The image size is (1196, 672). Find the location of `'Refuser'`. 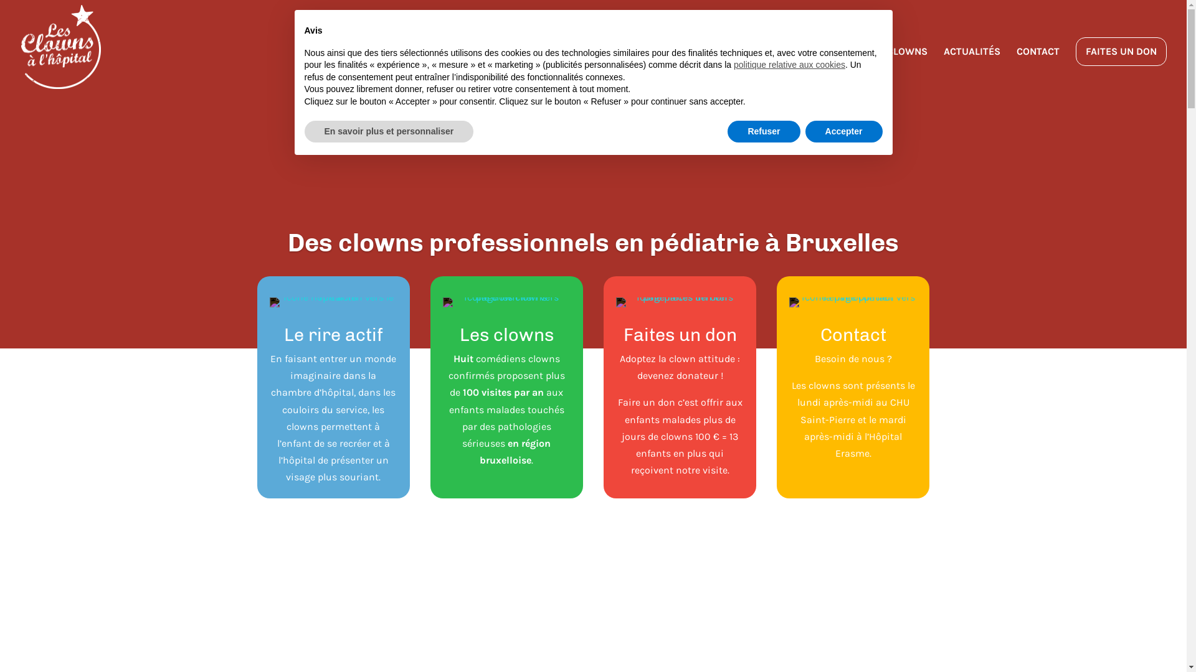

'Refuser' is located at coordinates (762, 132).